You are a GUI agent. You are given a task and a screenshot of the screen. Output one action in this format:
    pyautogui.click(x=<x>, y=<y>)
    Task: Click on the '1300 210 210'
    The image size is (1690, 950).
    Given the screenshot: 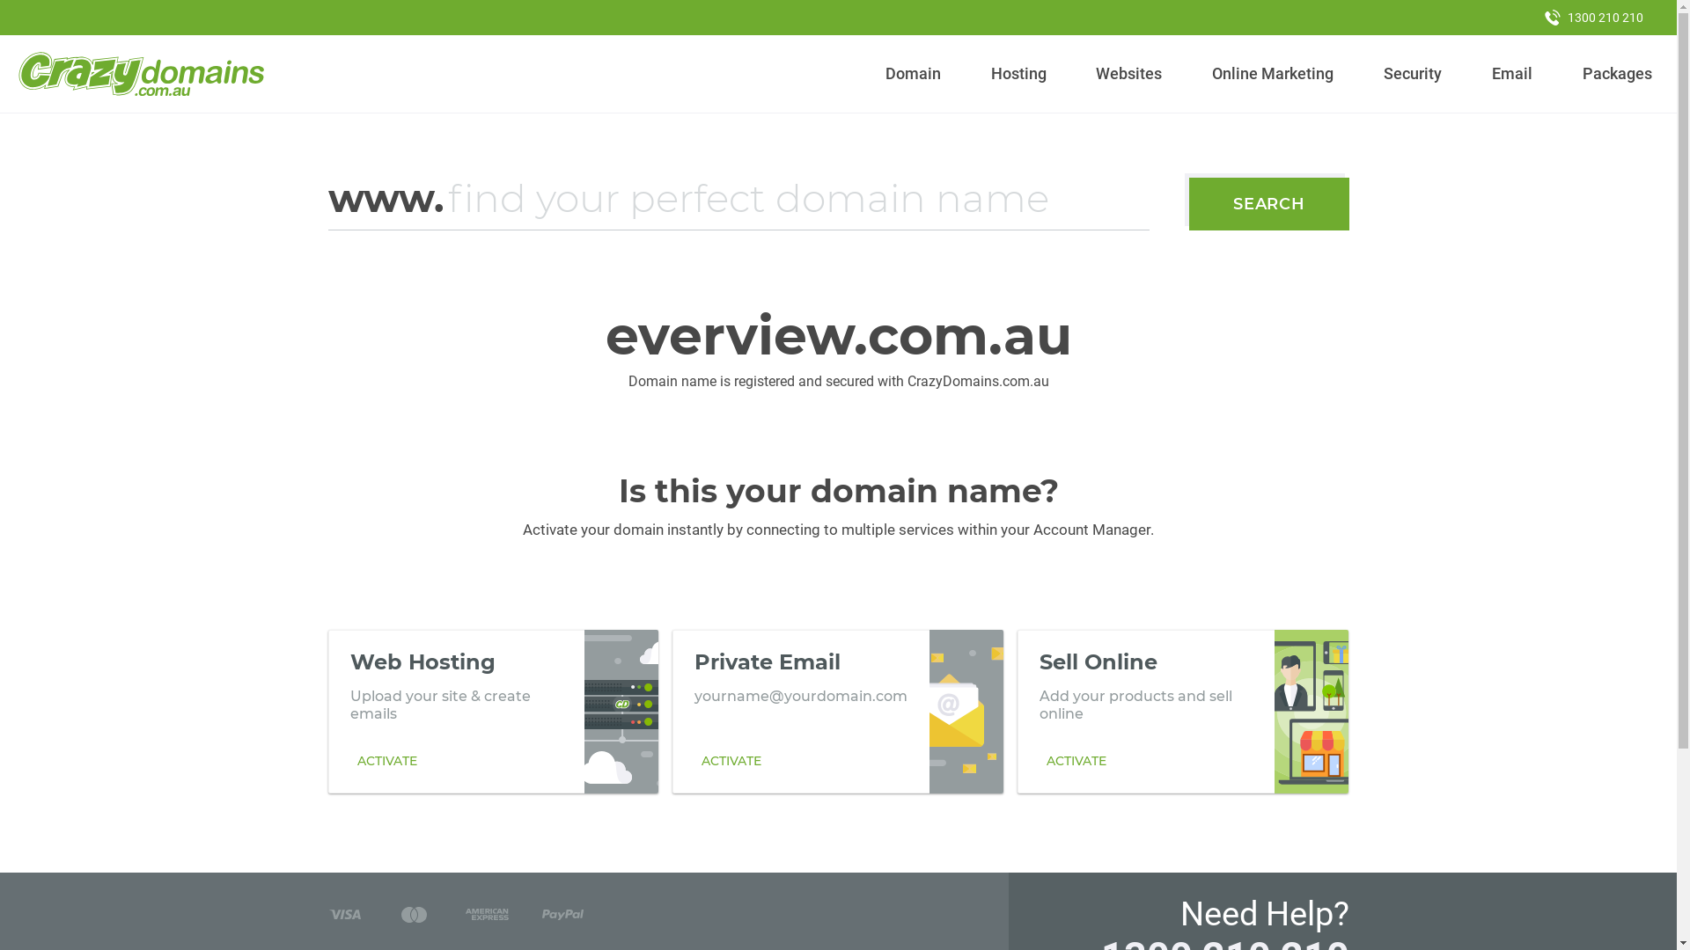 What is the action you would take?
    pyautogui.click(x=1528, y=17)
    